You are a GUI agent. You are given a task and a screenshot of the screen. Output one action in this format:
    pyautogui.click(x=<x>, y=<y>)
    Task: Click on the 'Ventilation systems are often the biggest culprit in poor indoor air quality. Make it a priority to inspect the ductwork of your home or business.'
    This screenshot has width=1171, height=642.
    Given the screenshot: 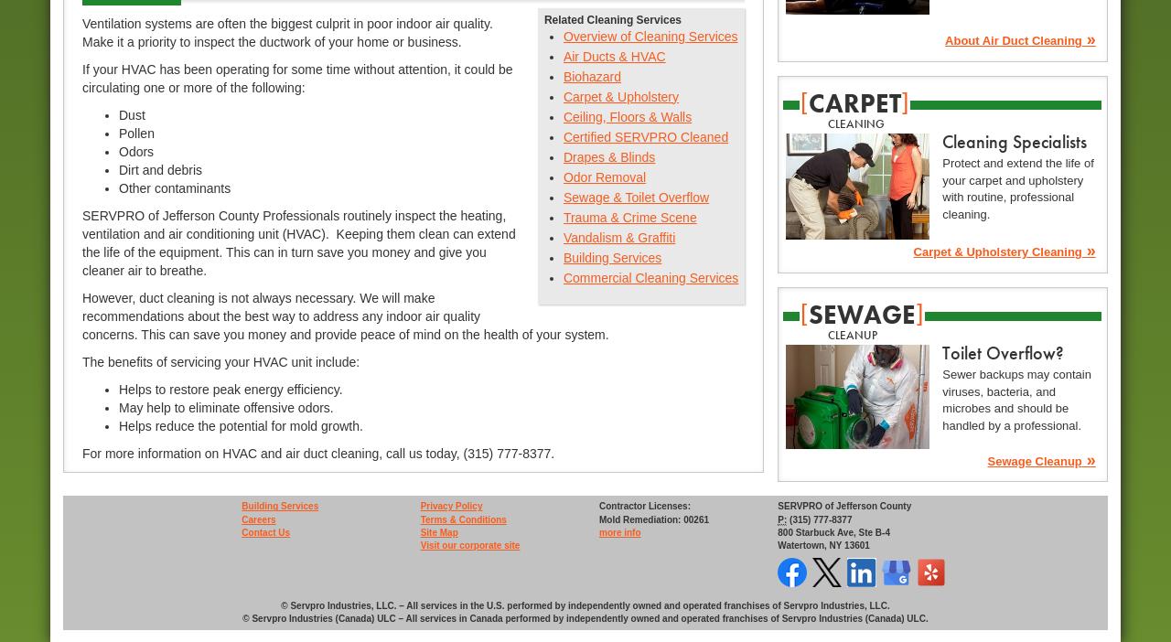 What is the action you would take?
    pyautogui.click(x=81, y=31)
    